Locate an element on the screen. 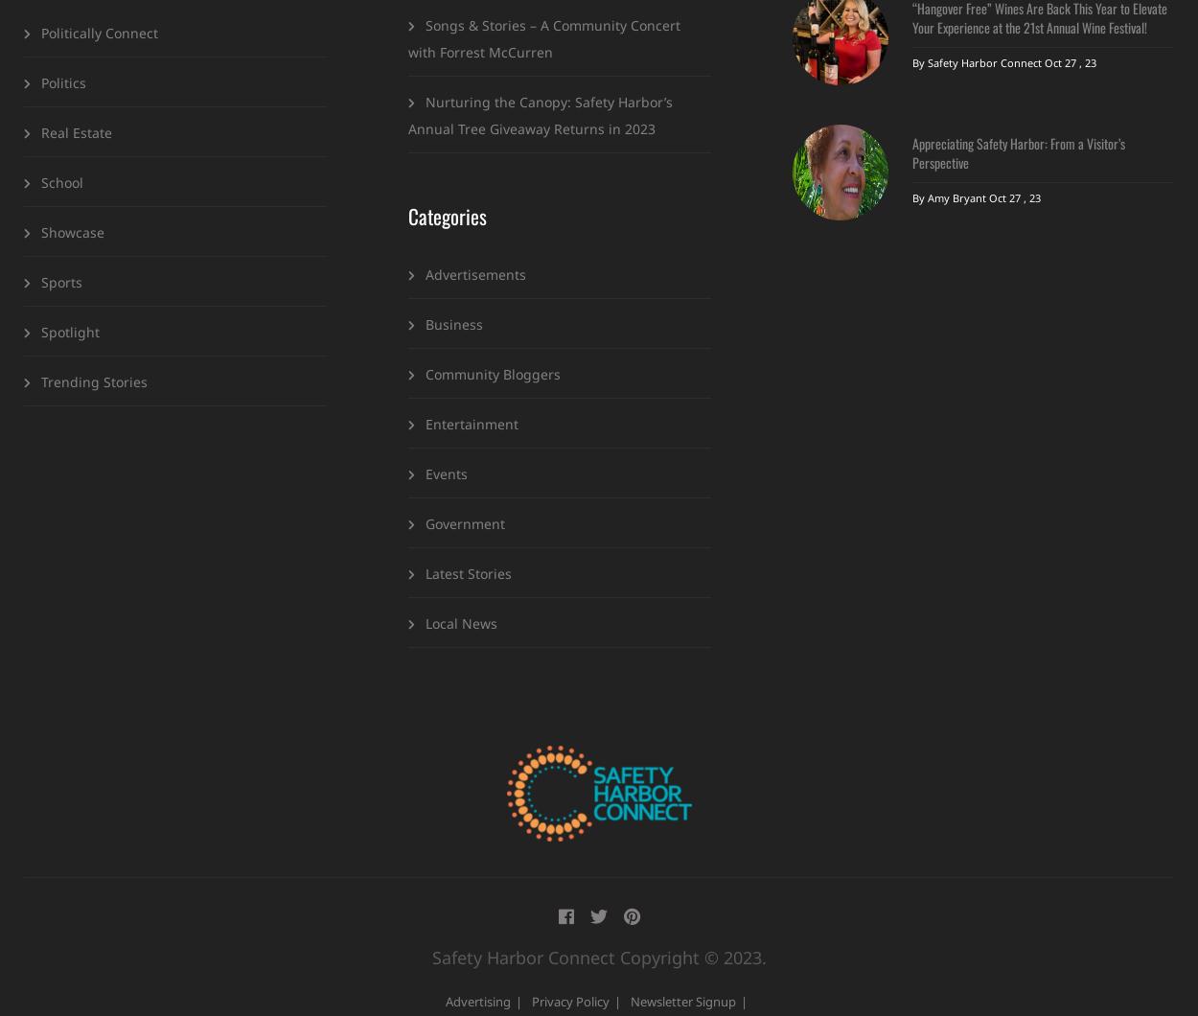  'Advertising' is located at coordinates (445, 999).